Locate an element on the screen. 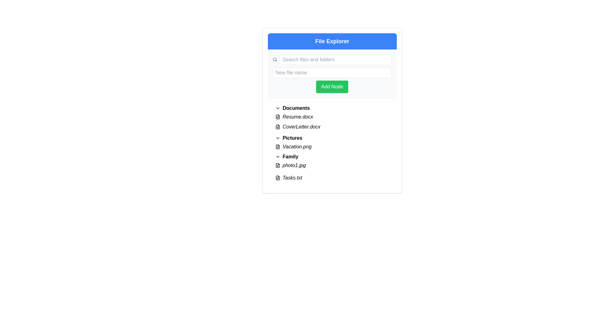 This screenshot has width=598, height=336. the 'Pictures' collapsible folder item in the file explorer interface is located at coordinates (332, 138).